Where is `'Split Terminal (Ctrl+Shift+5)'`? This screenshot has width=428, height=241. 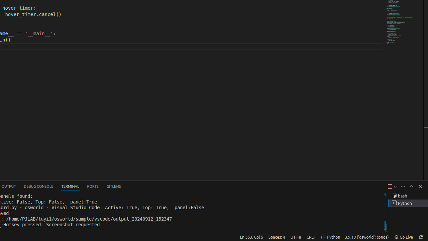 'Split Terminal (Ctrl+Shift+5)' is located at coordinates (390, 186).